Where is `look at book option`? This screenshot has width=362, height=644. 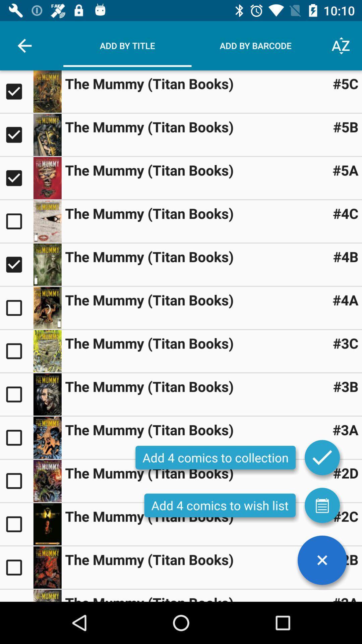 look at book option is located at coordinates (47, 264).